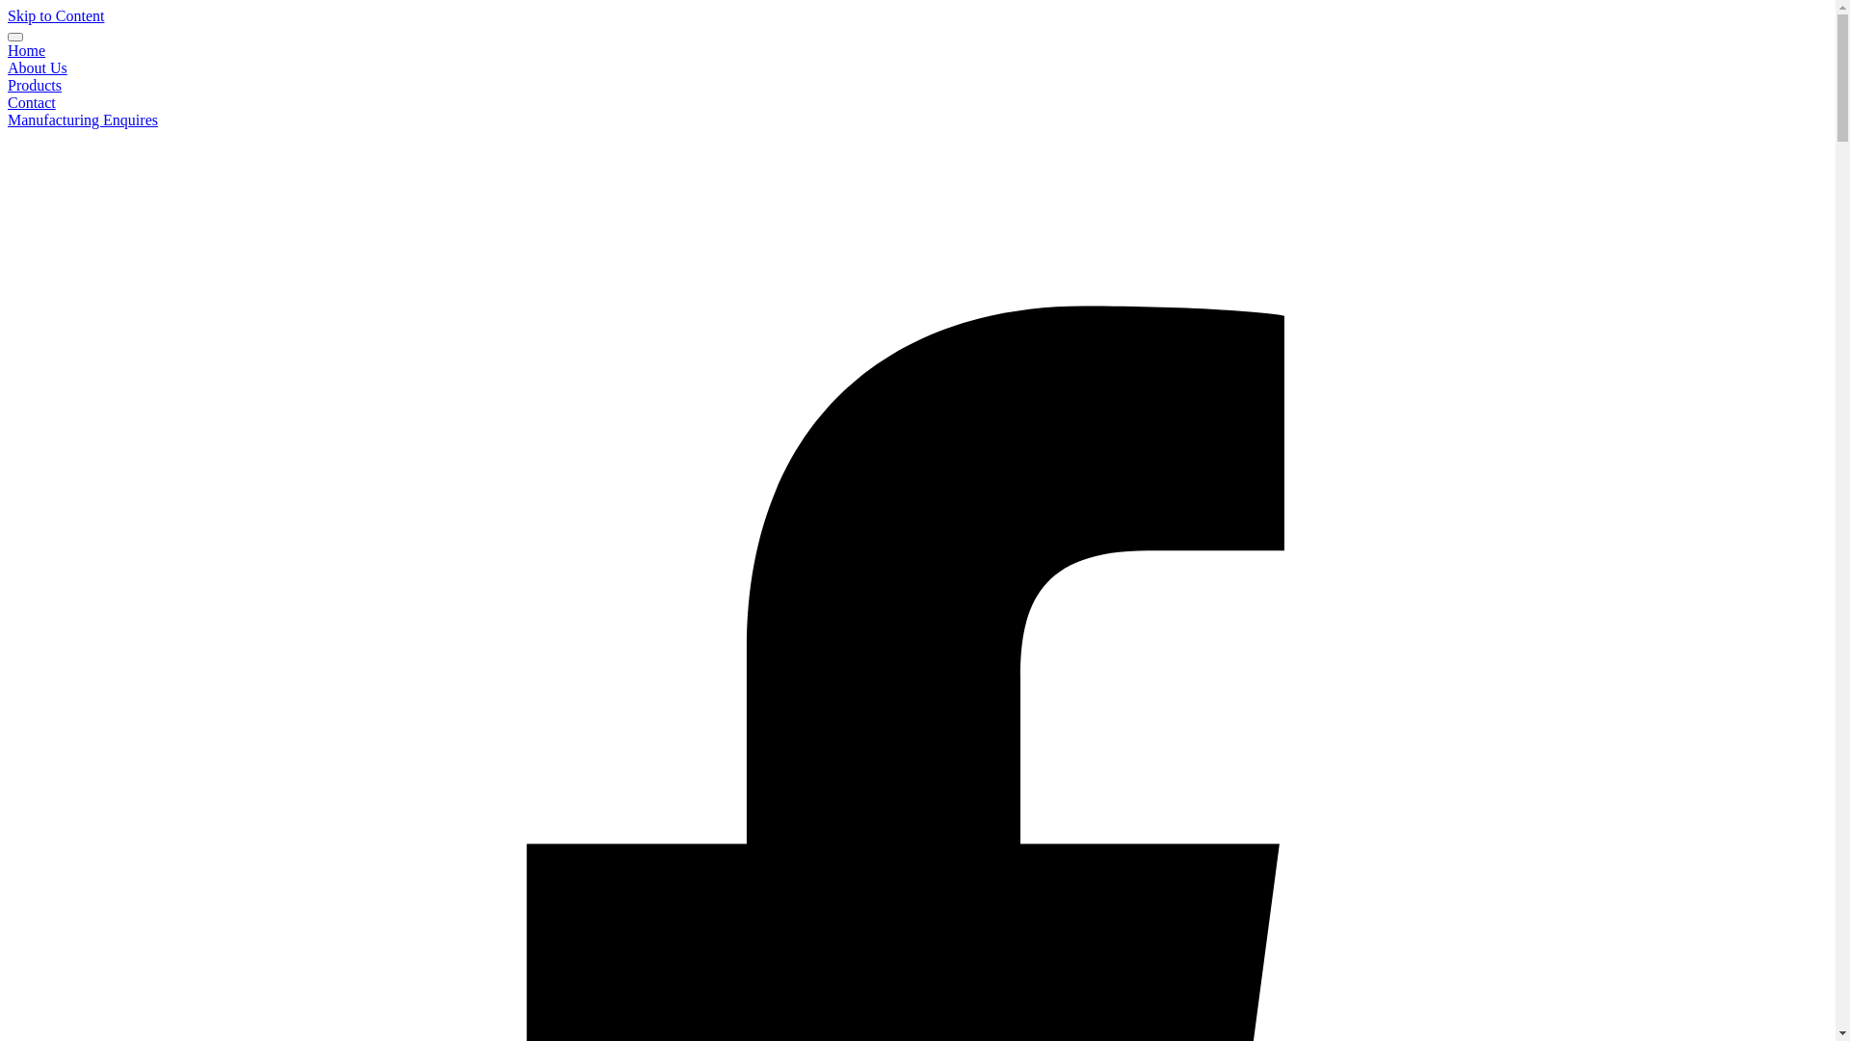 Image resolution: width=1850 pixels, height=1041 pixels. What do you see at coordinates (8, 84) in the screenshot?
I see `'Products'` at bounding box center [8, 84].